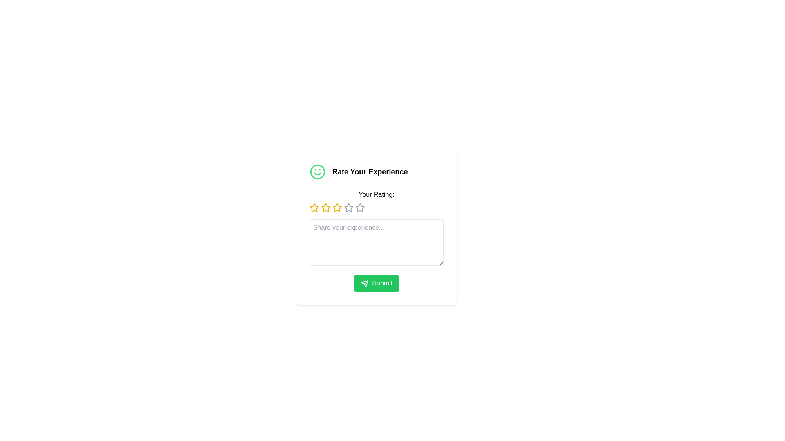 The image size is (785, 441). What do you see at coordinates (364, 283) in the screenshot?
I see `the small send icon, which is a minimalist arrow-shaped marker in white, located on the left side of the green 'Submit' button` at bounding box center [364, 283].